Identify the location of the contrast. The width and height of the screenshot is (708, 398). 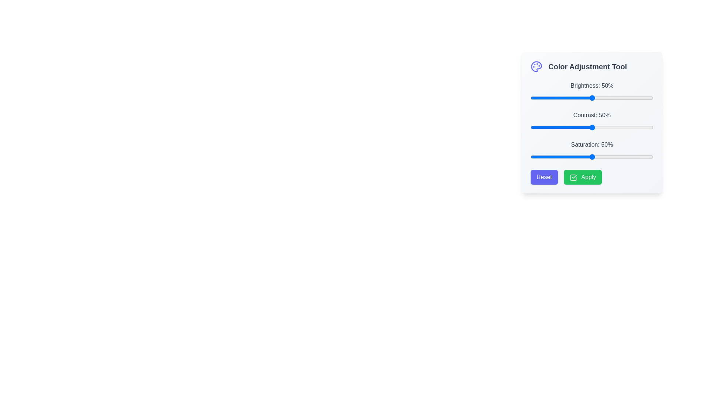
(592, 127).